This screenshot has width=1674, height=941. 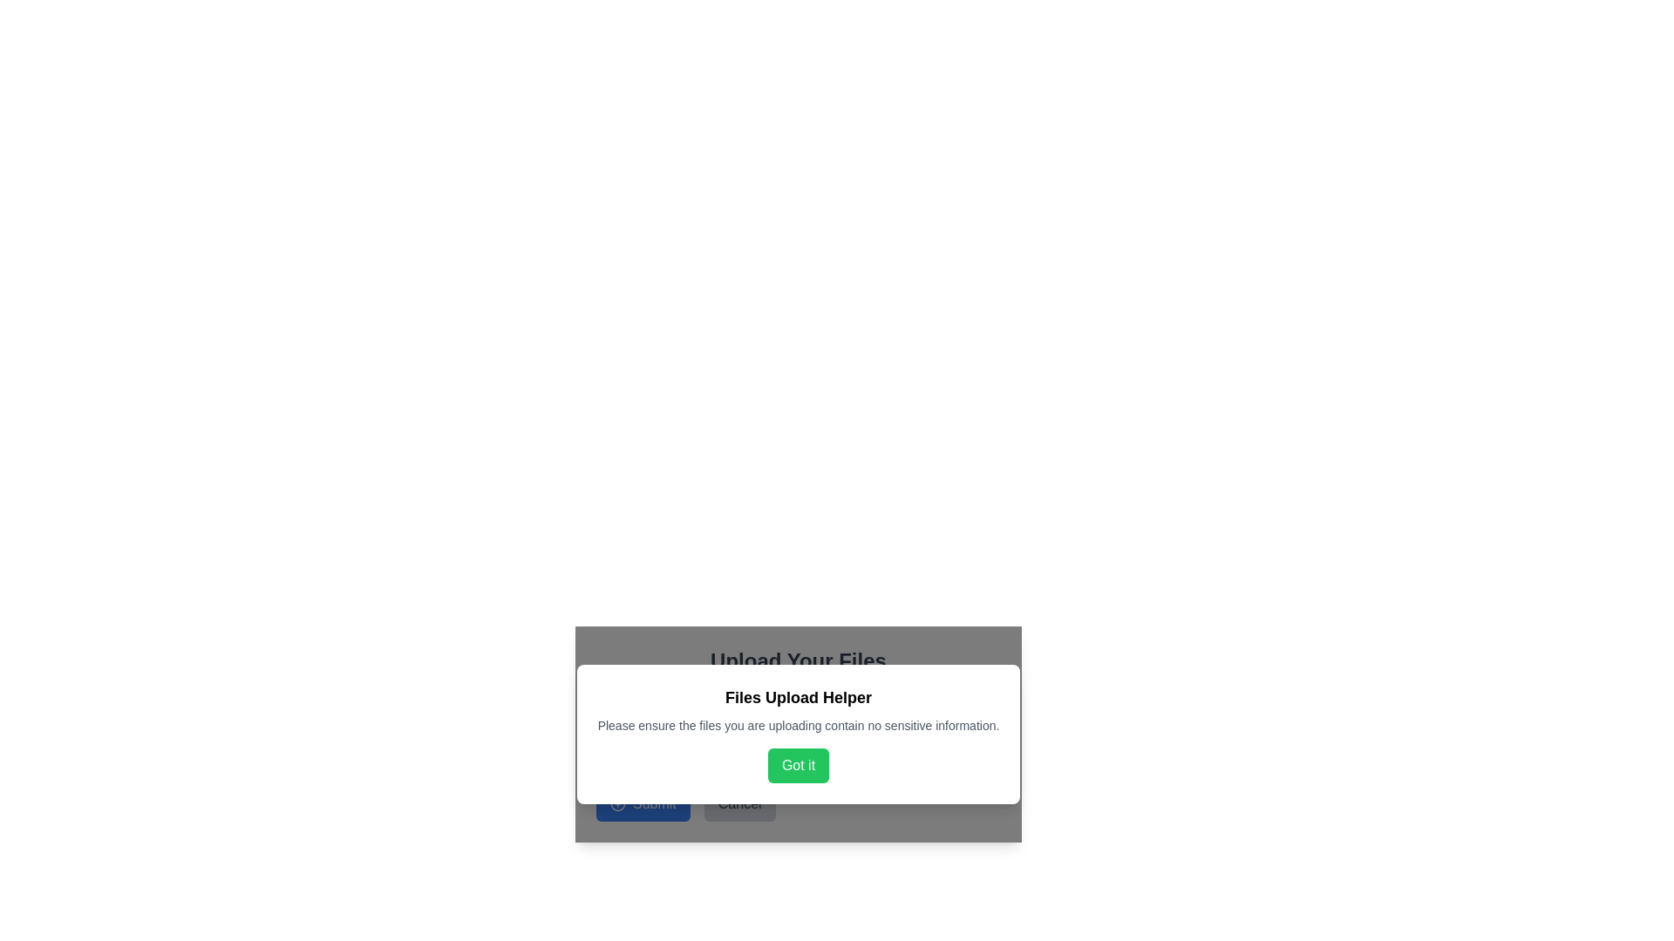 What do you see at coordinates (798, 731) in the screenshot?
I see `and drop files into the Interactive Dropzone that contains the instructions 'Drag & drop files here or click` at bounding box center [798, 731].